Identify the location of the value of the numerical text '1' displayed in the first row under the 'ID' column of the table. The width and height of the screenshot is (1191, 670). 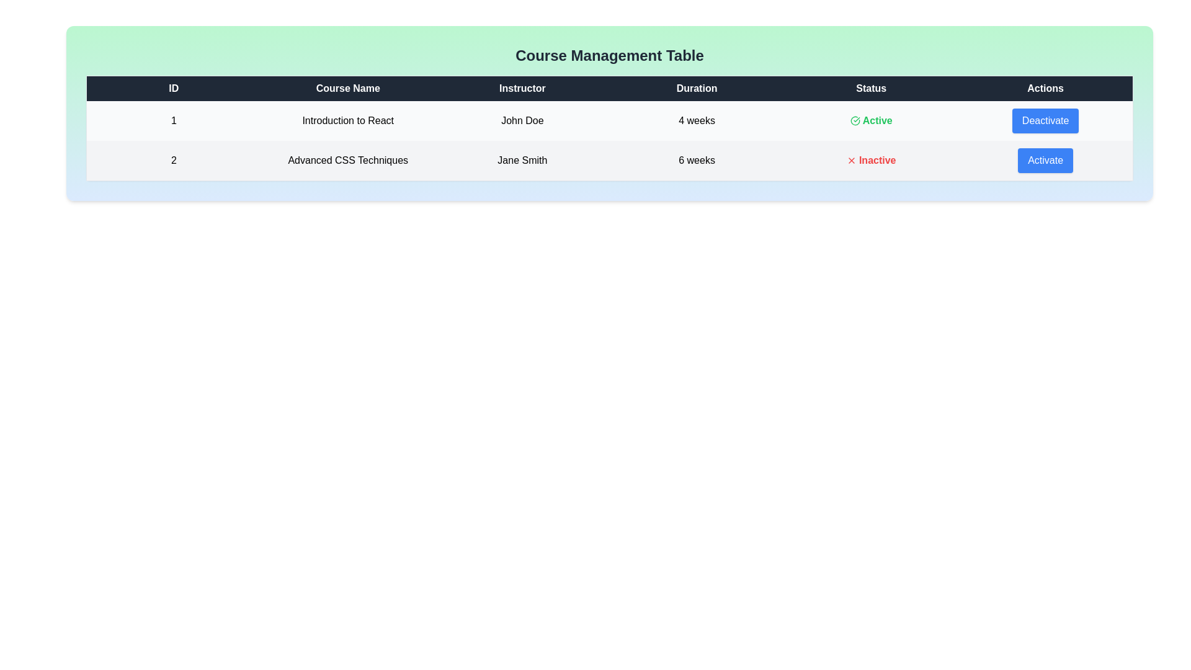
(173, 121).